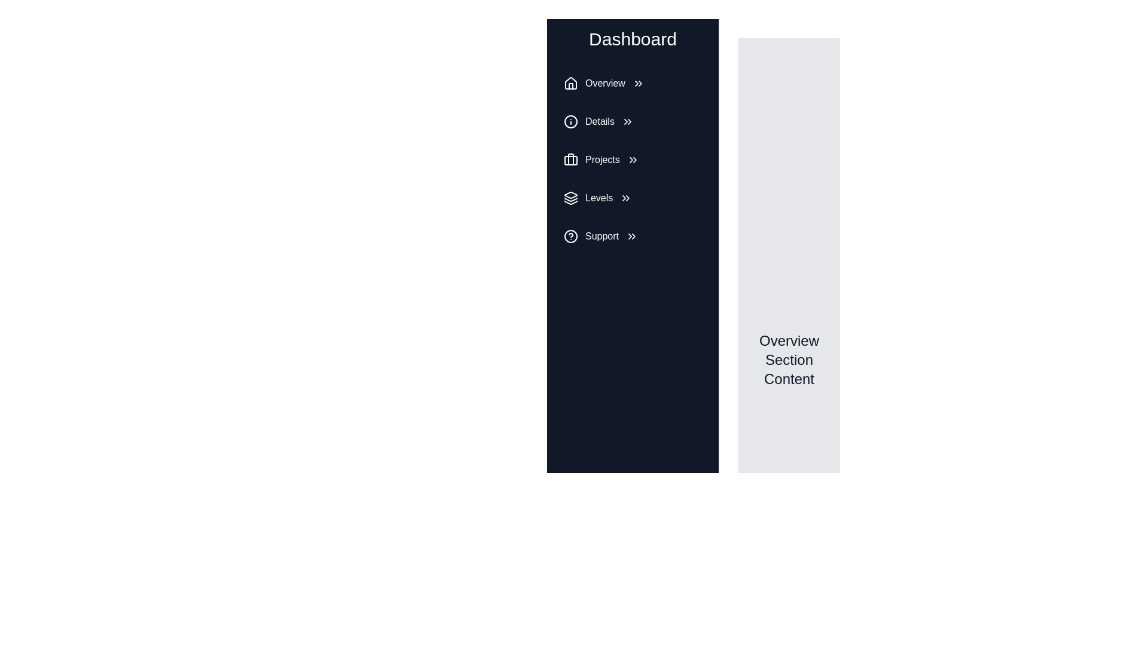  I want to click on the Static Text Header located at the top of the sidebar, which indicates the context or name of the current view, so click(632, 38).